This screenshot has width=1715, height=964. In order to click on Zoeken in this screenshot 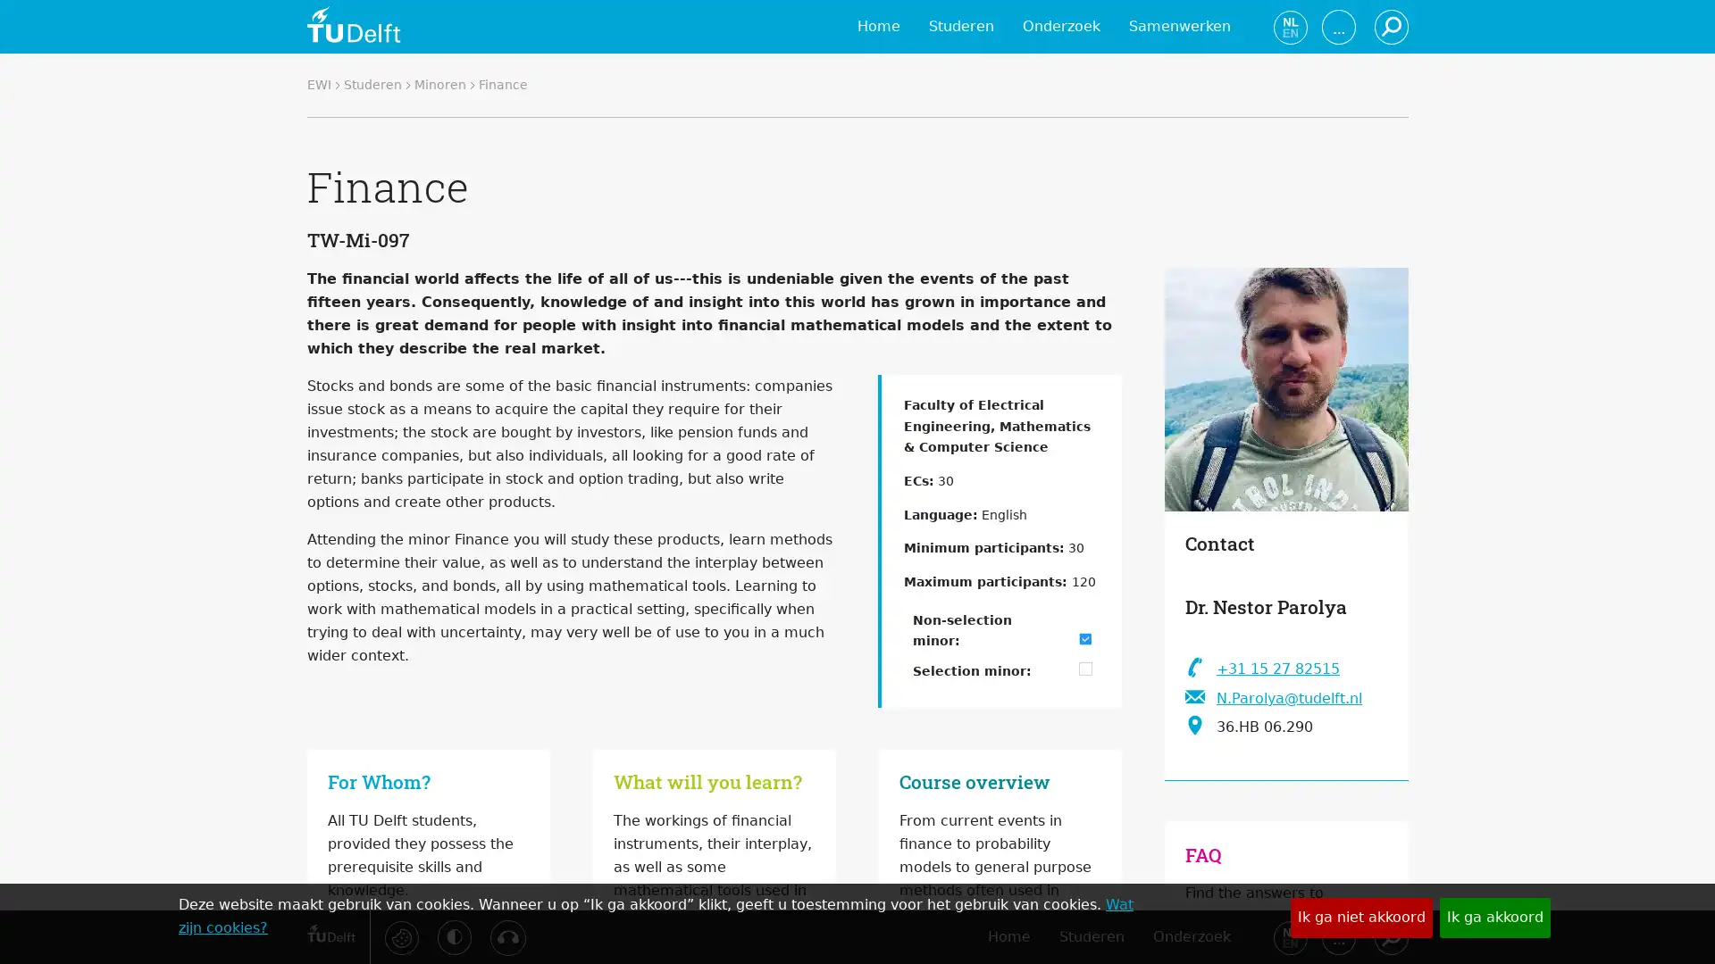, I will do `click(1389, 27)`.